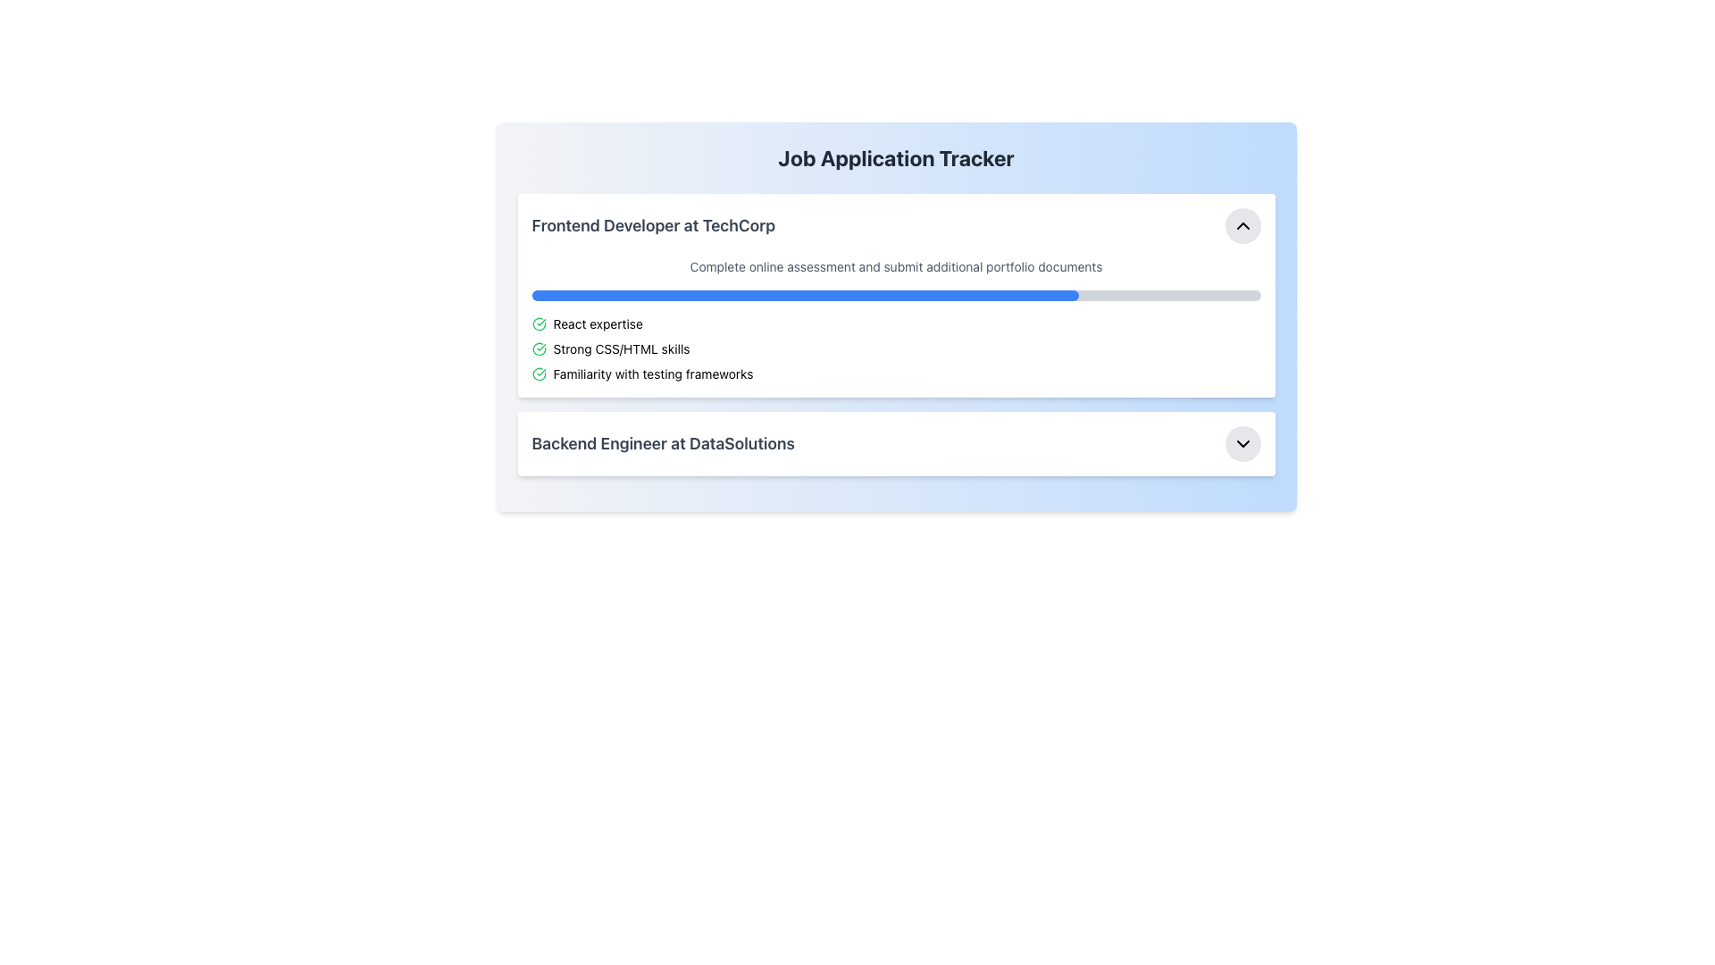 This screenshot has height=965, width=1715. Describe the element at coordinates (896, 295) in the screenshot. I see `the progress bar that indicates the completion status of the online assessment, situated below the text 'Complete online assessment and submit additional portfolio documents'` at that location.